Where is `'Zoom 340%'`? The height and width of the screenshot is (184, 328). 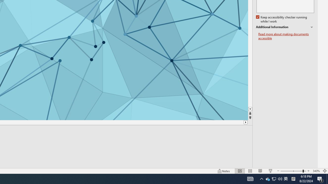 'Zoom 340%' is located at coordinates (316, 171).